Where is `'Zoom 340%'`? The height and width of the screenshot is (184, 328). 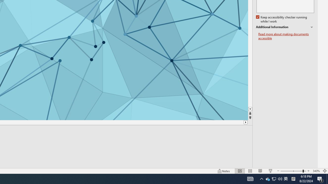 'Zoom 340%' is located at coordinates (316, 171).